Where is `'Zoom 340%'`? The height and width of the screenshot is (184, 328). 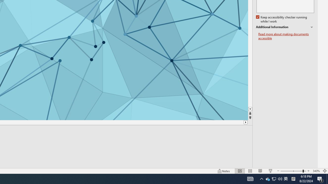 'Zoom 340%' is located at coordinates (316, 171).